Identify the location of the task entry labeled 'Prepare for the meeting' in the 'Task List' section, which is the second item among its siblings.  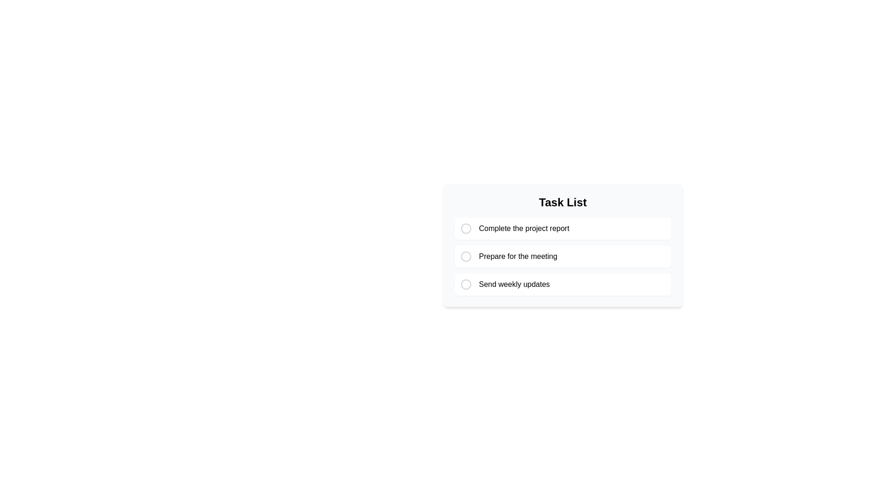
(562, 257).